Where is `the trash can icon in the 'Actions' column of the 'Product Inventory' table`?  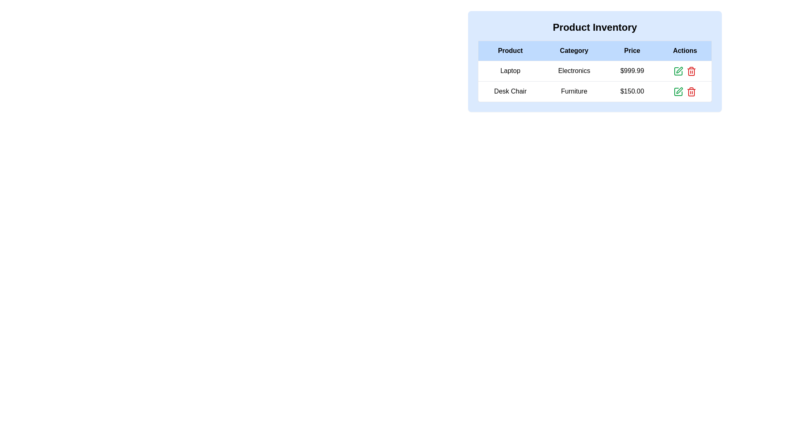
the trash can icon in the 'Actions' column of the 'Product Inventory' table is located at coordinates (691, 92).